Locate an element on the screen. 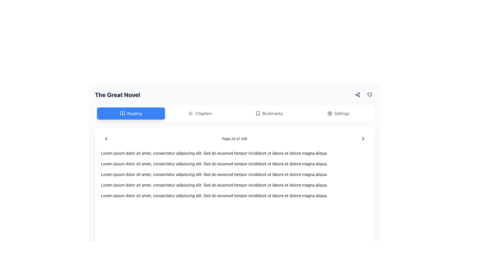 The height and width of the screenshot is (273, 486). the fourth text block in the prose section, which is positioned below the third text block and above the fifth text block is located at coordinates (234, 185).